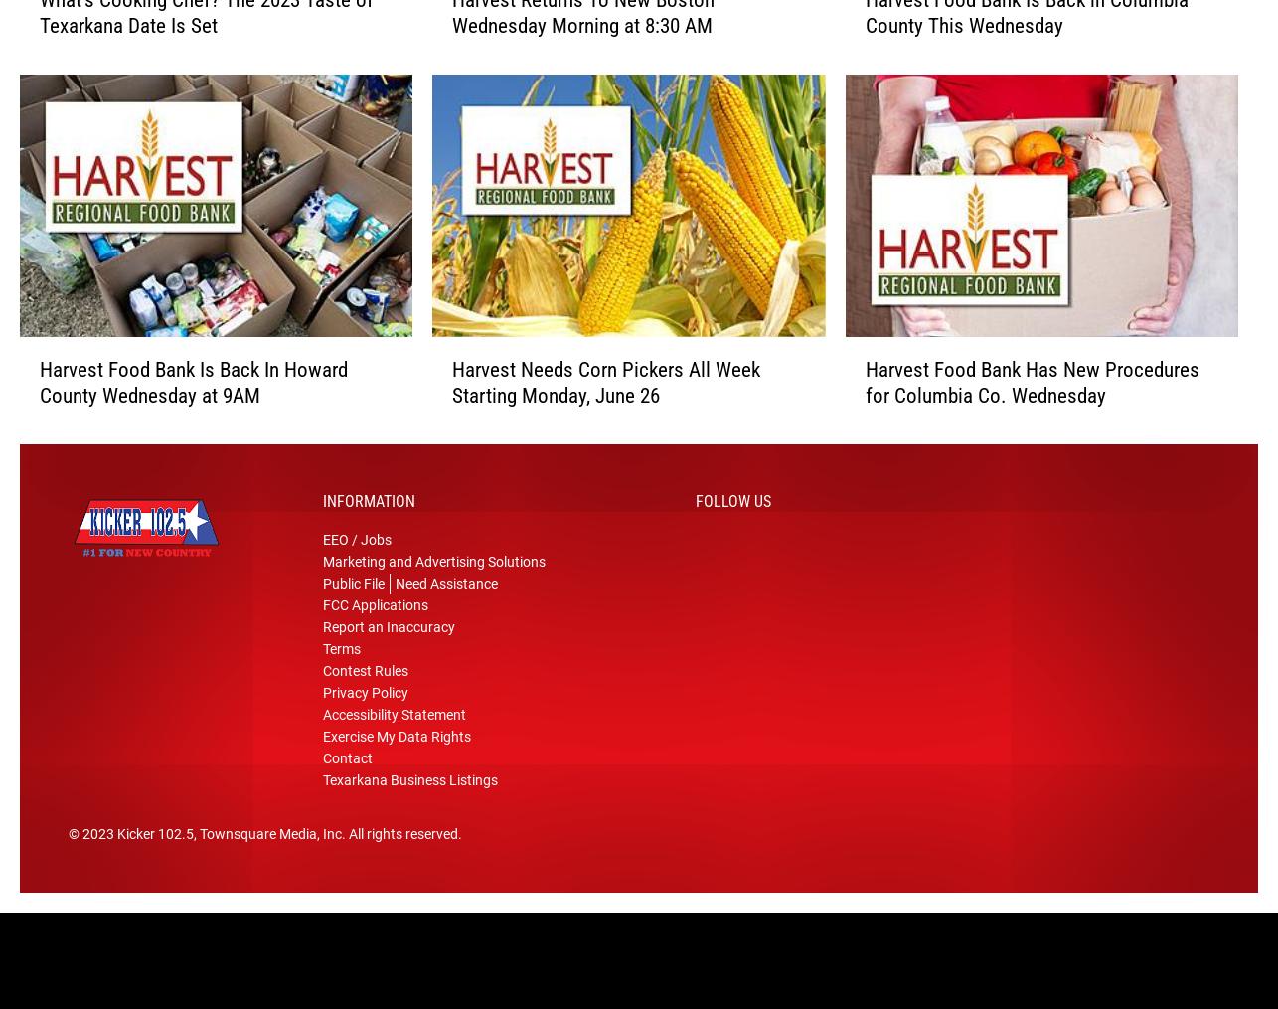 Image resolution: width=1278 pixels, height=1009 pixels. Describe the element at coordinates (374, 612) in the screenshot. I see `'FCC Applications'` at that location.